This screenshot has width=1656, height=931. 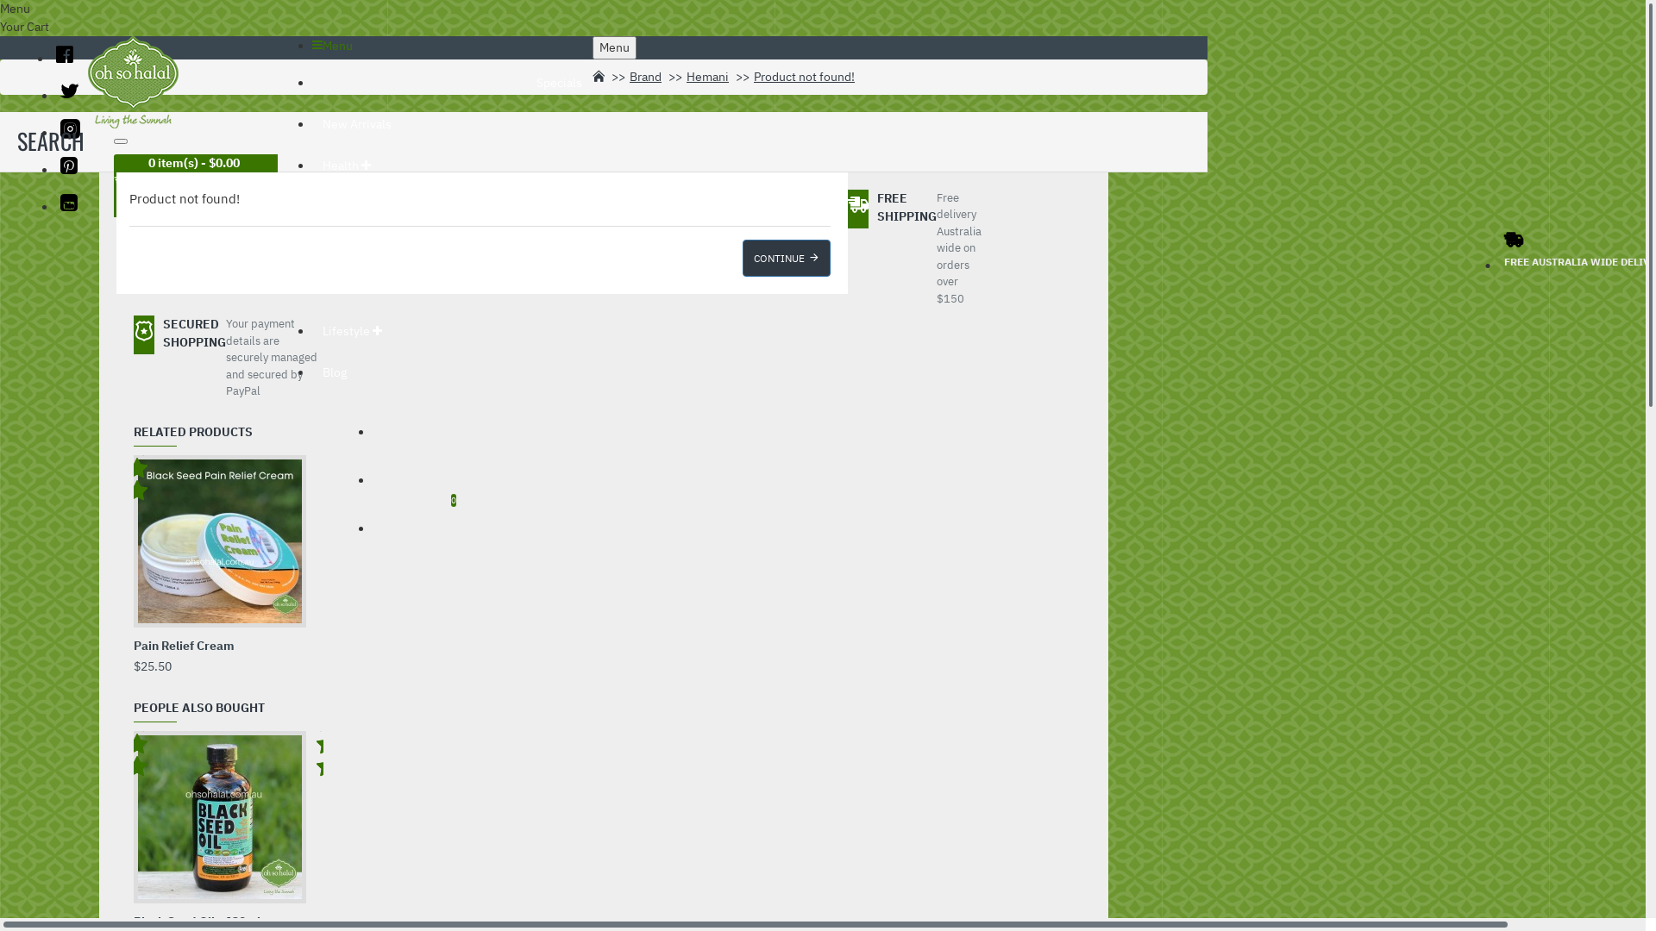 What do you see at coordinates (785, 258) in the screenshot?
I see `'CONTINUE'` at bounding box center [785, 258].